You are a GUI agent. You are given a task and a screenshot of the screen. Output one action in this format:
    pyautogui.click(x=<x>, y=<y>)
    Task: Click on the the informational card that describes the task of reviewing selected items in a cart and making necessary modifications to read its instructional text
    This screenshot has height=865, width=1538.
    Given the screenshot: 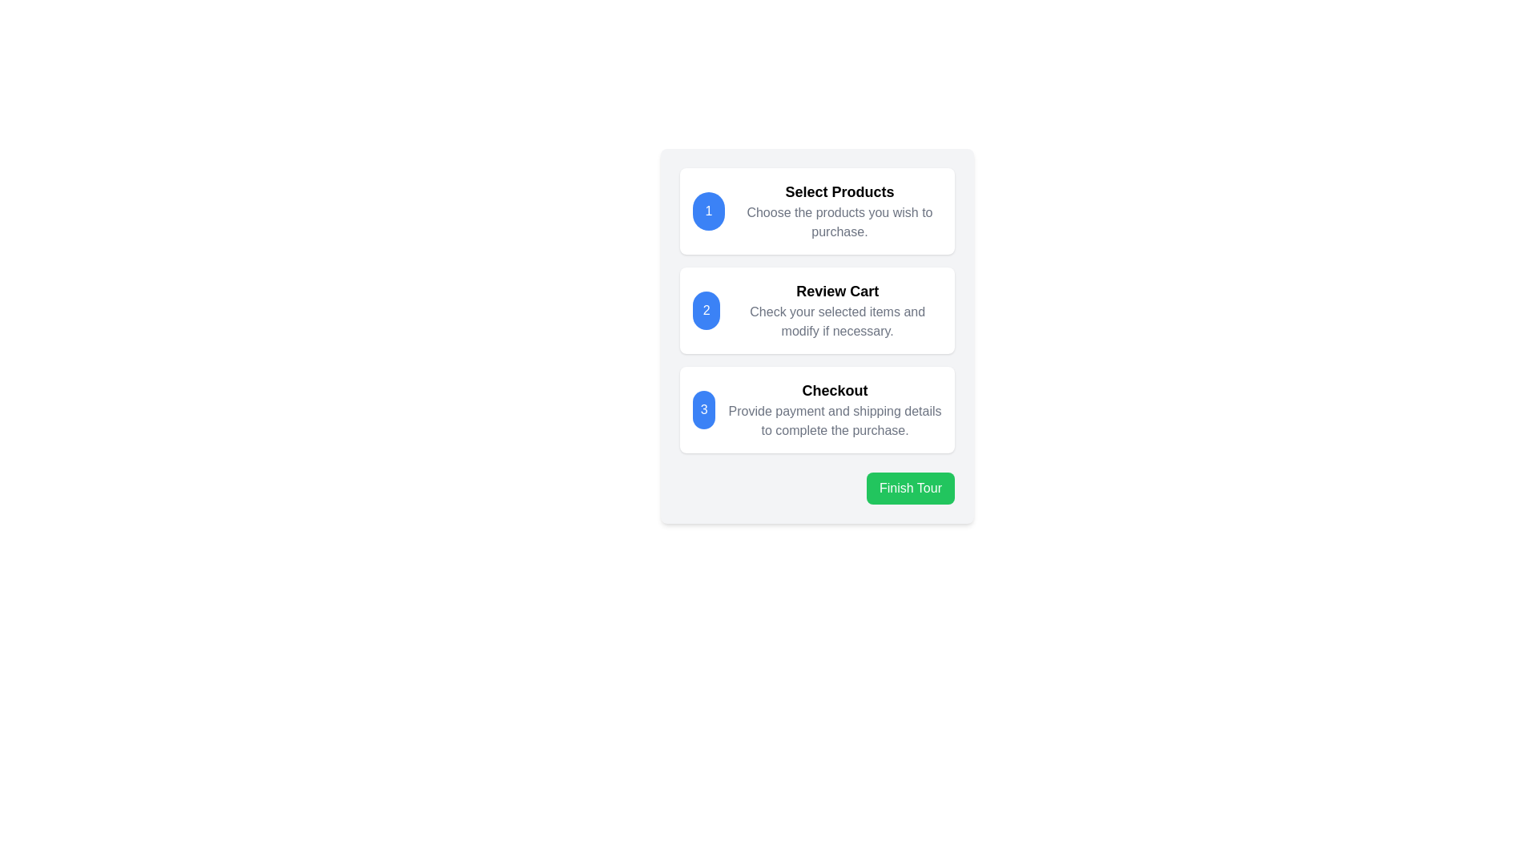 What is the action you would take?
    pyautogui.click(x=817, y=311)
    